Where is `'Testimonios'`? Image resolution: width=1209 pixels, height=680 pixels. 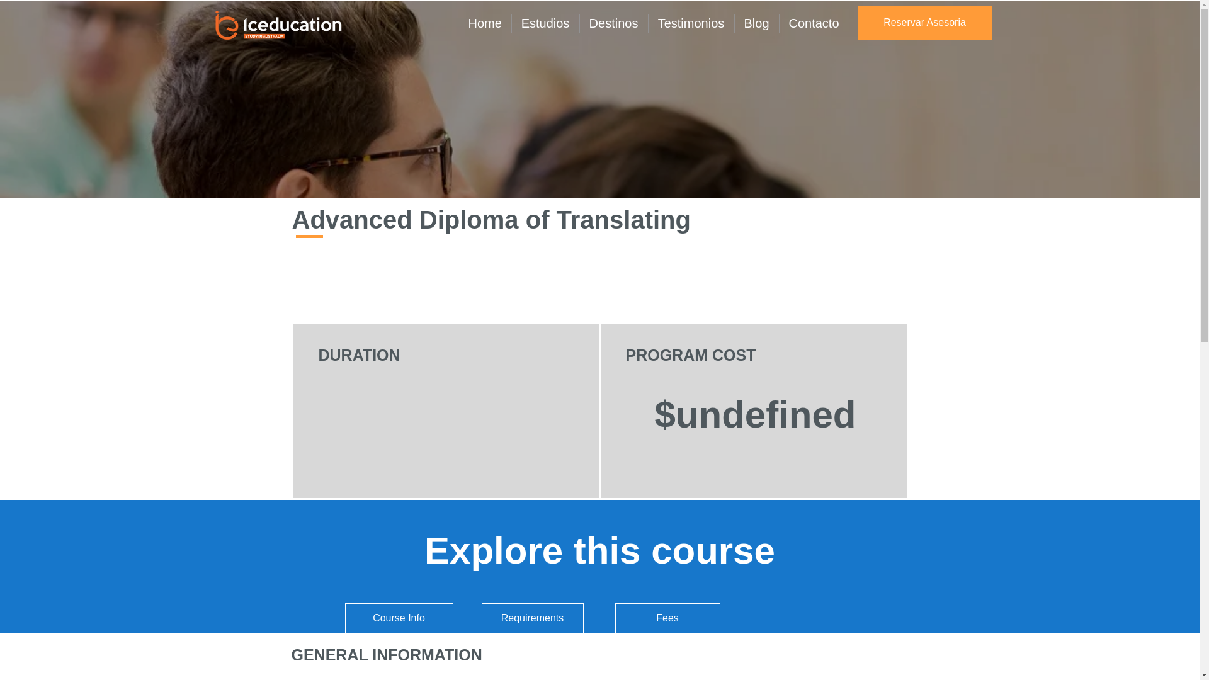 'Testimonios' is located at coordinates (691, 23).